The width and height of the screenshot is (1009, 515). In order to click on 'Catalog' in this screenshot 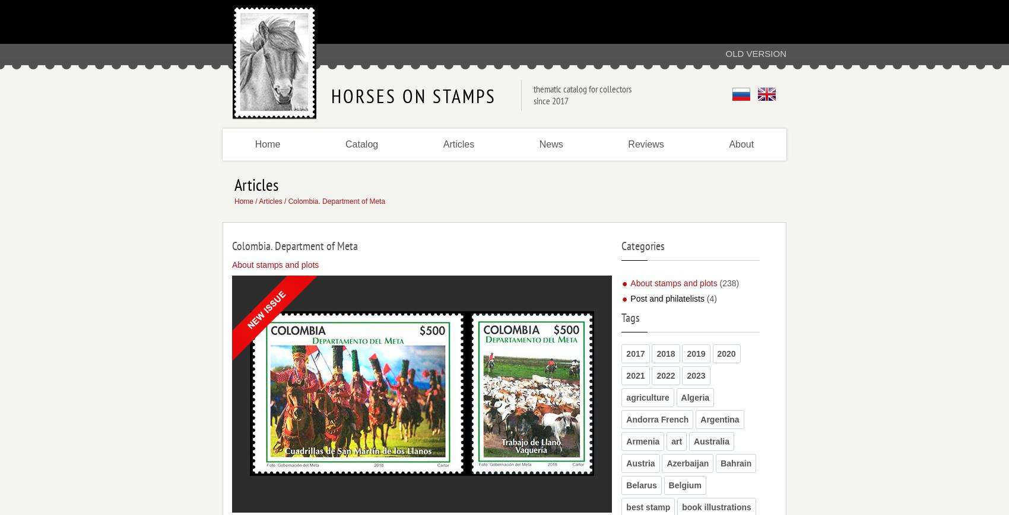, I will do `click(361, 143)`.